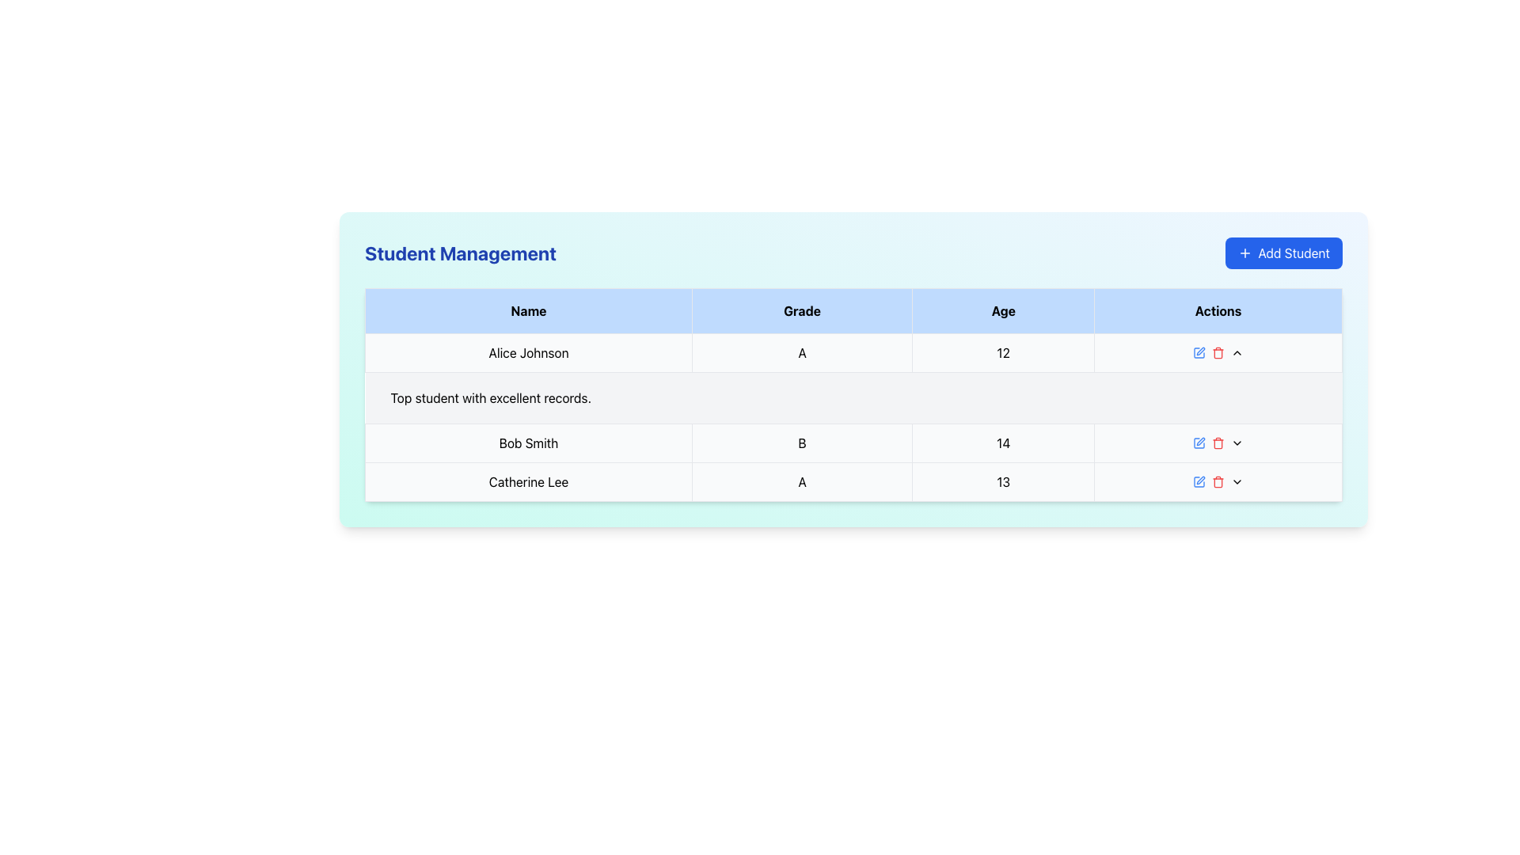  What do you see at coordinates (528, 481) in the screenshot?
I see `the text label displaying the name 'Catherine Lee' located in the fourth row of the table under the 'Name' column` at bounding box center [528, 481].